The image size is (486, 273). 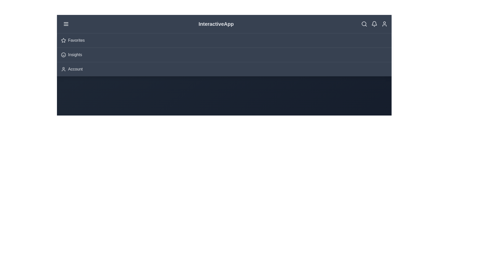 I want to click on the user icon to access user-related actions, so click(x=384, y=24).